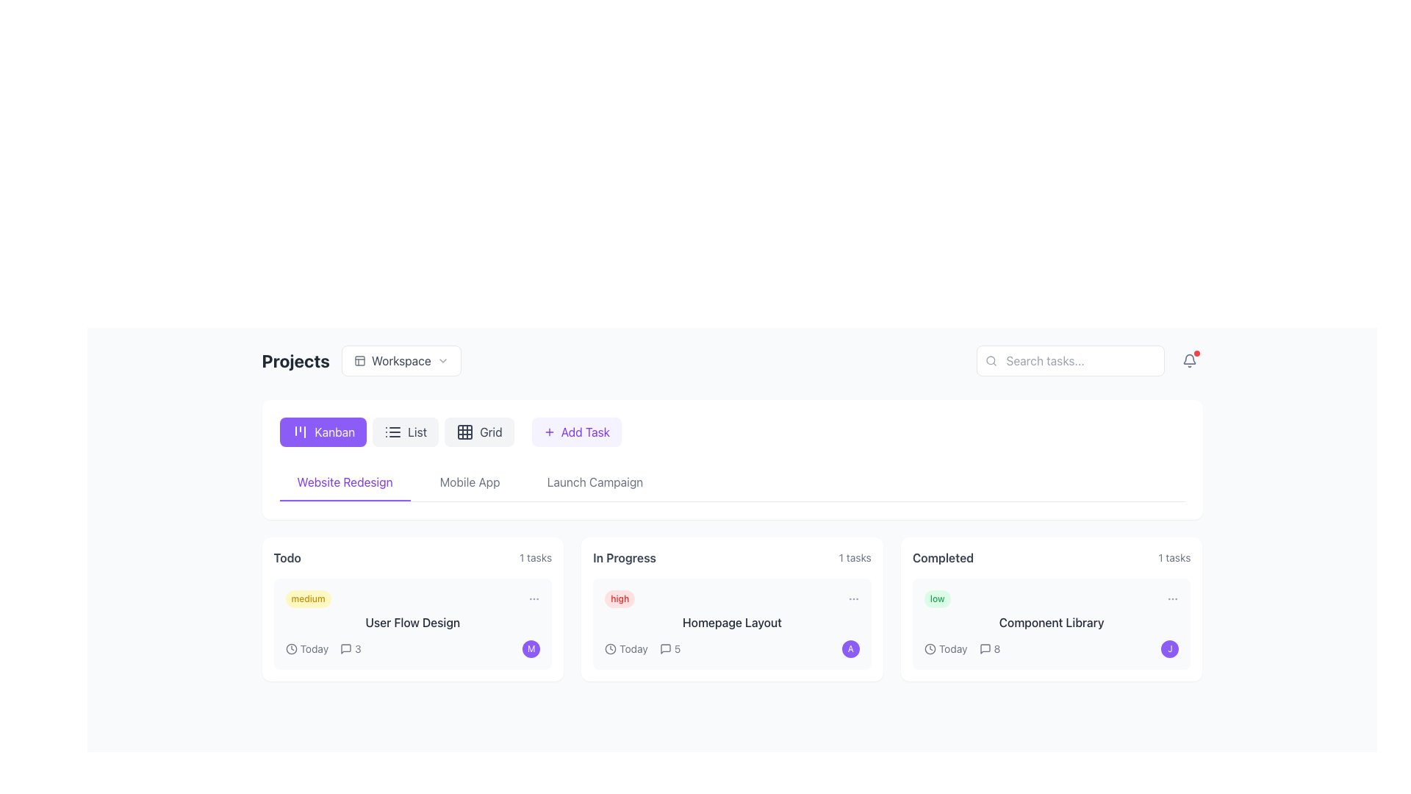  I want to click on the small rounded badge with a red background and white text that displays 'high', located in the 'In Progress' column near the top left corner of the 'Homepage Layout' card, so click(620, 598).